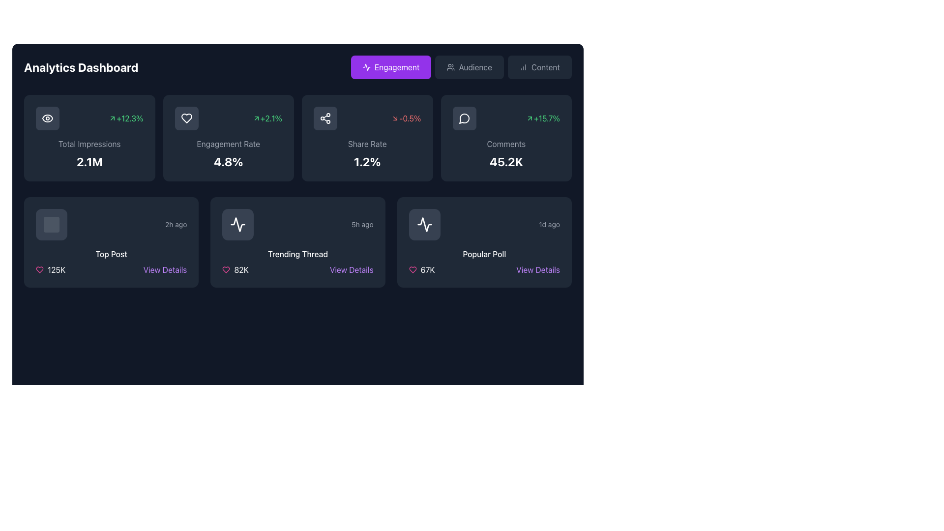 This screenshot has width=944, height=531. I want to click on the 'Trending Thread' Icon Button for keyboard interaction, so click(238, 224).